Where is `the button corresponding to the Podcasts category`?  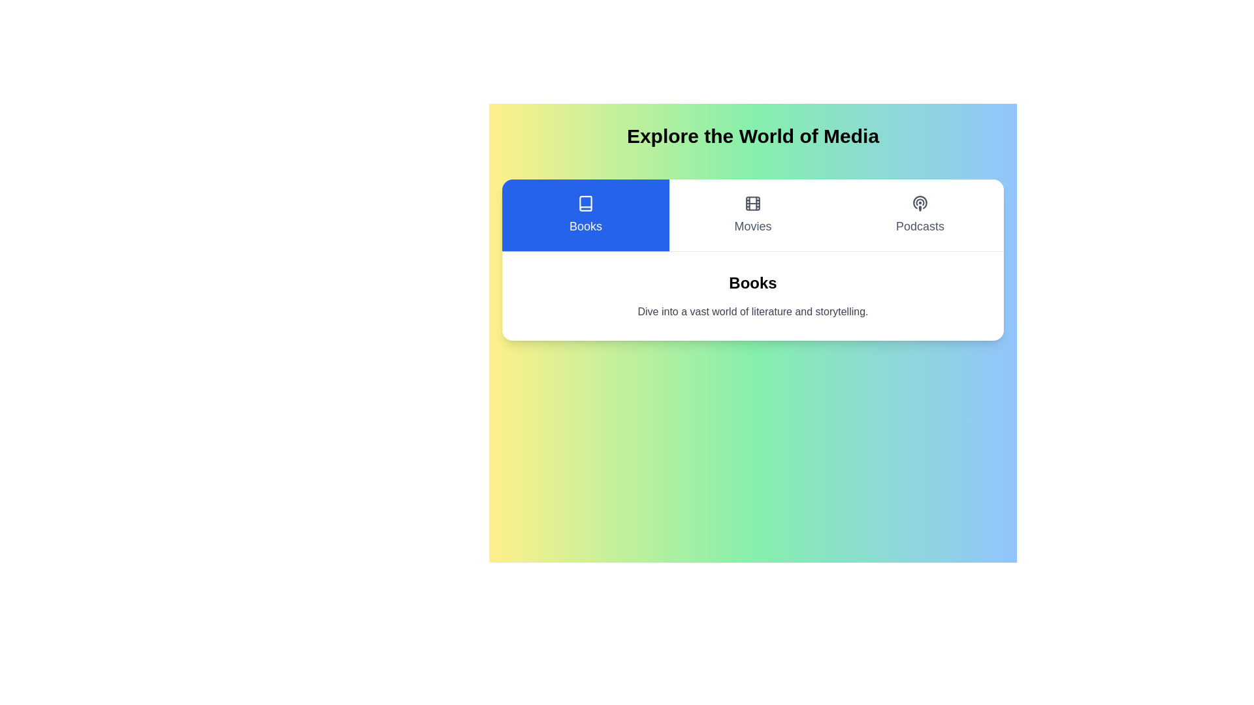 the button corresponding to the Podcasts category is located at coordinates (920, 215).